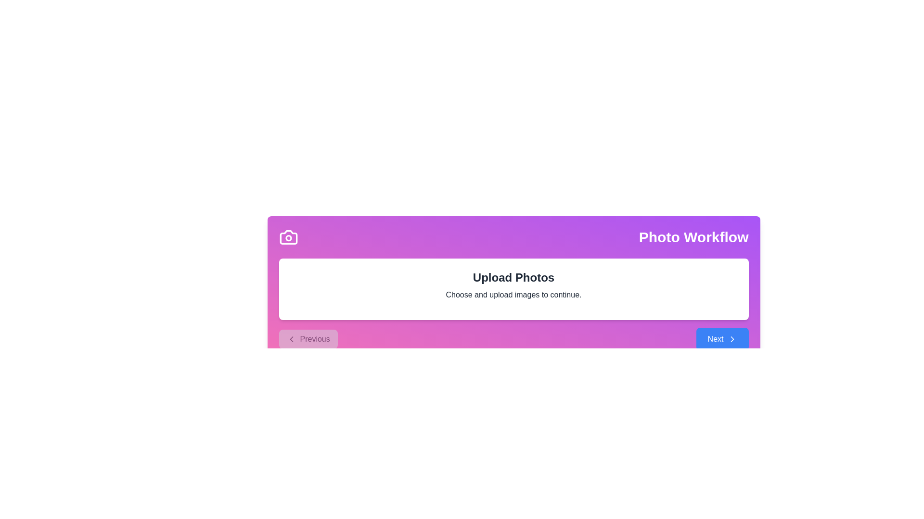 The height and width of the screenshot is (519, 924). What do you see at coordinates (288, 237) in the screenshot?
I see `the camera icon in the top-left corner of the gradient-colored header bar, which serves as a symbolic representation for photo uploading or image handling` at bounding box center [288, 237].